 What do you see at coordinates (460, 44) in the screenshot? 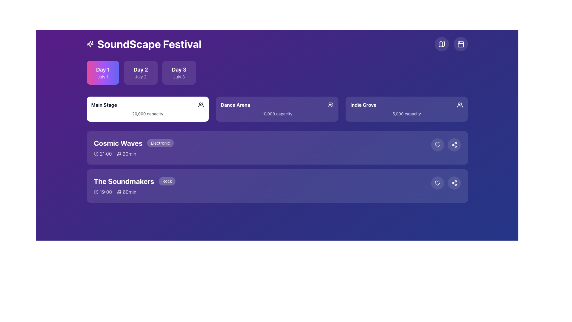
I see `the graphical representation in the top-right corner of the application interface, which is part of the calendar icon adjacent to the map icon` at bounding box center [460, 44].